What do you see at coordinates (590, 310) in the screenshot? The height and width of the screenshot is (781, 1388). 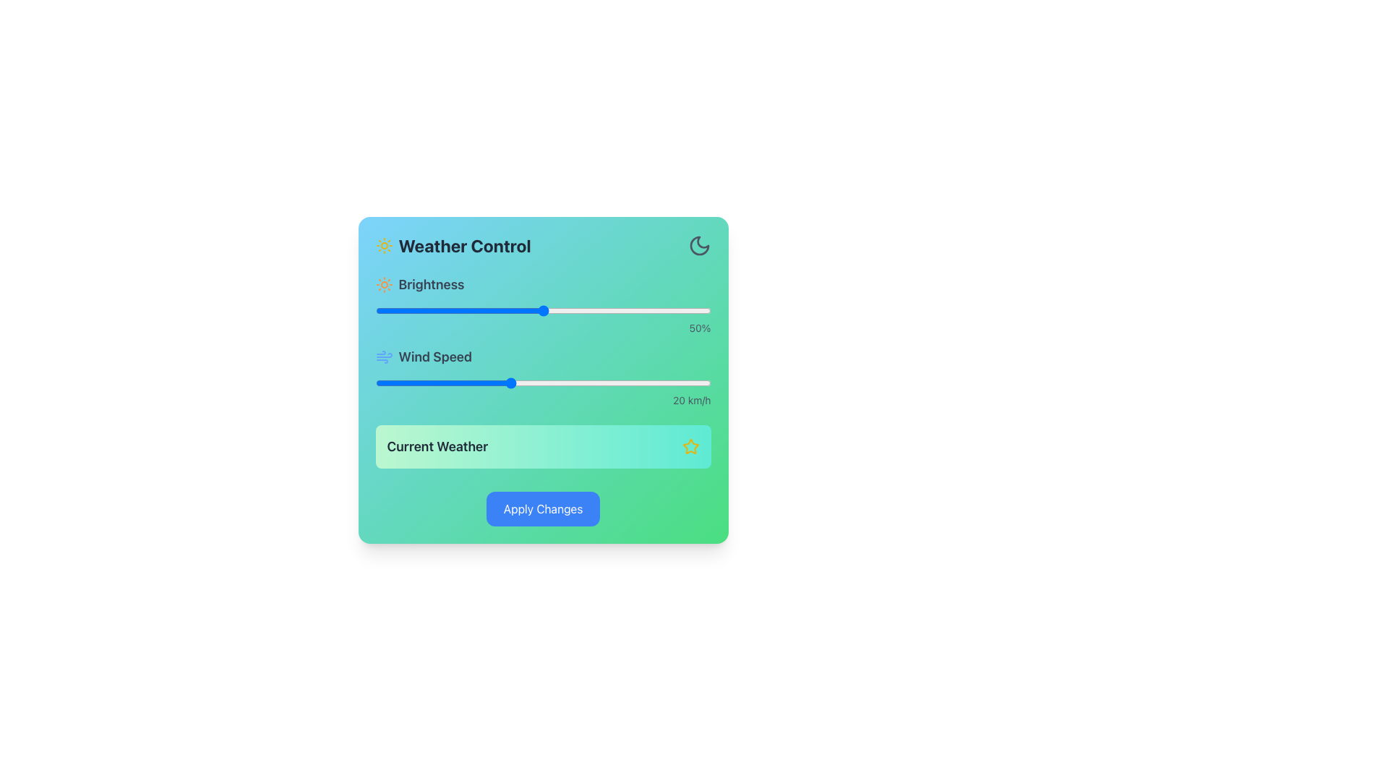 I see `the brightness level` at bounding box center [590, 310].